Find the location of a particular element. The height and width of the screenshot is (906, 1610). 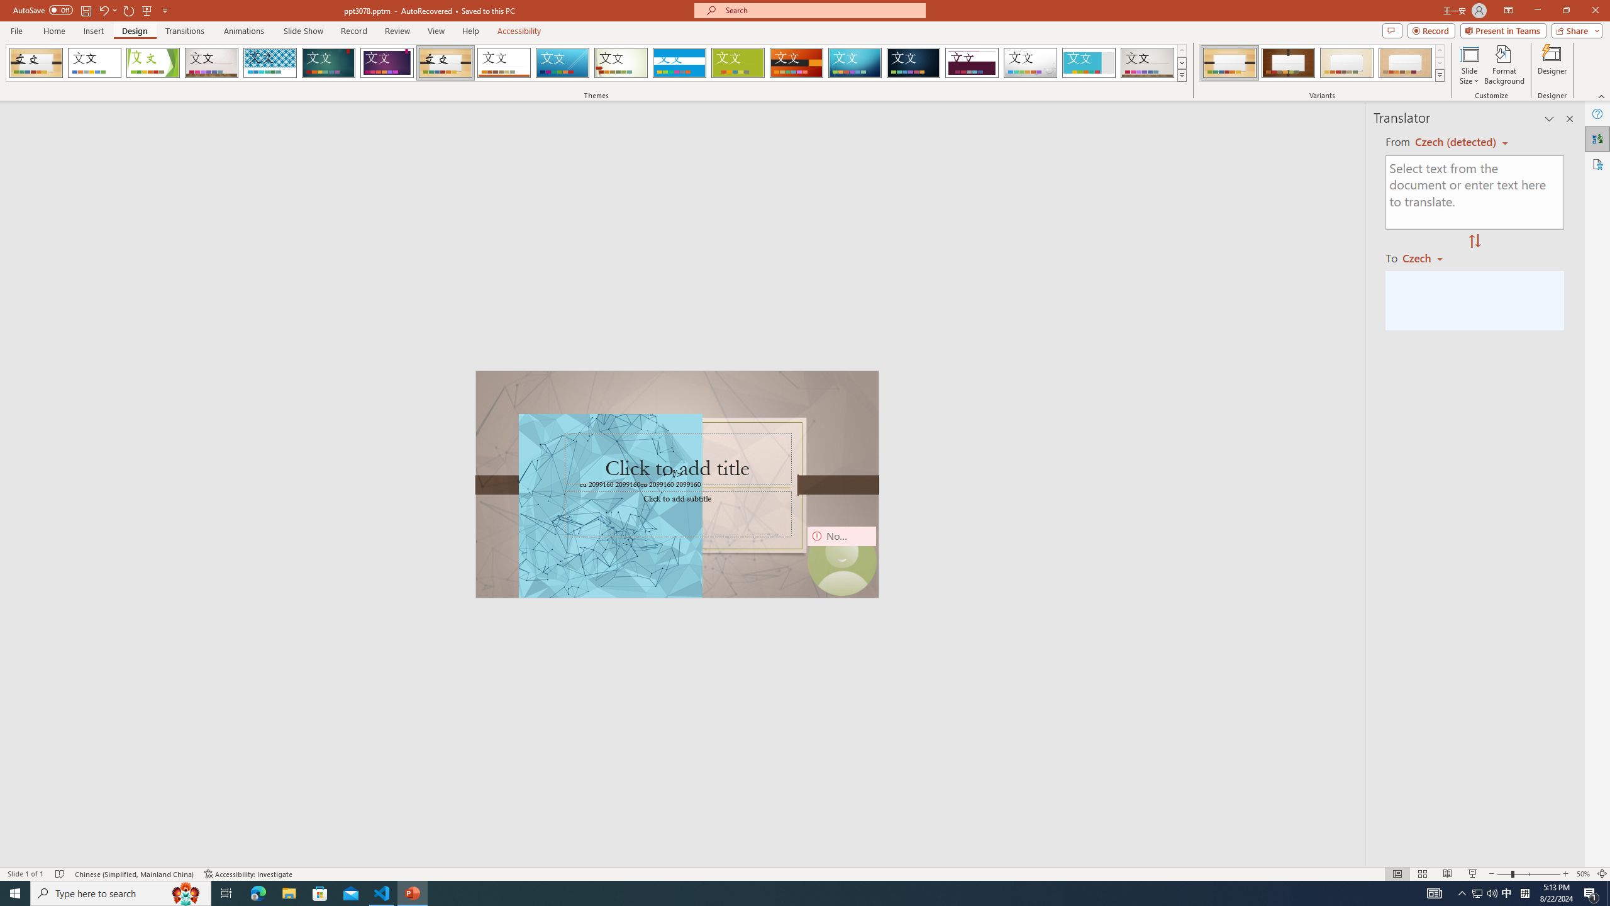

'Ion Boardroom' is located at coordinates (387, 62).